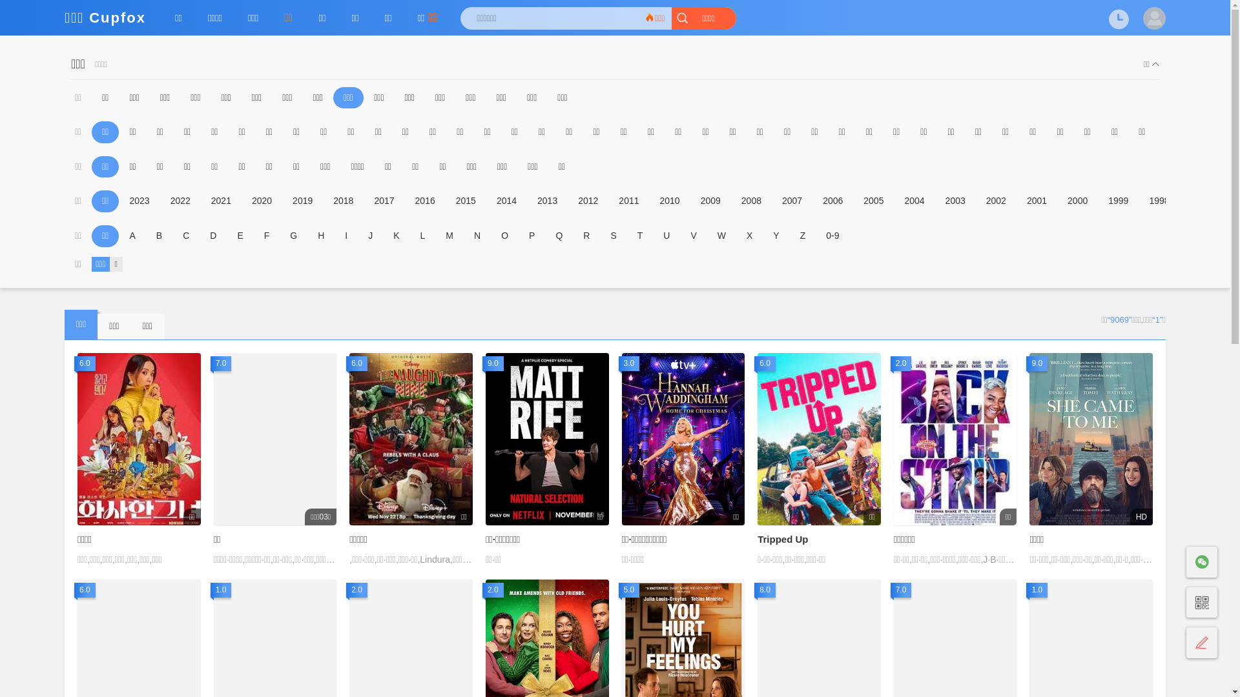 The width and height of the screenshot is (1240, 697). I want to click on '2016', so click(425, 201).